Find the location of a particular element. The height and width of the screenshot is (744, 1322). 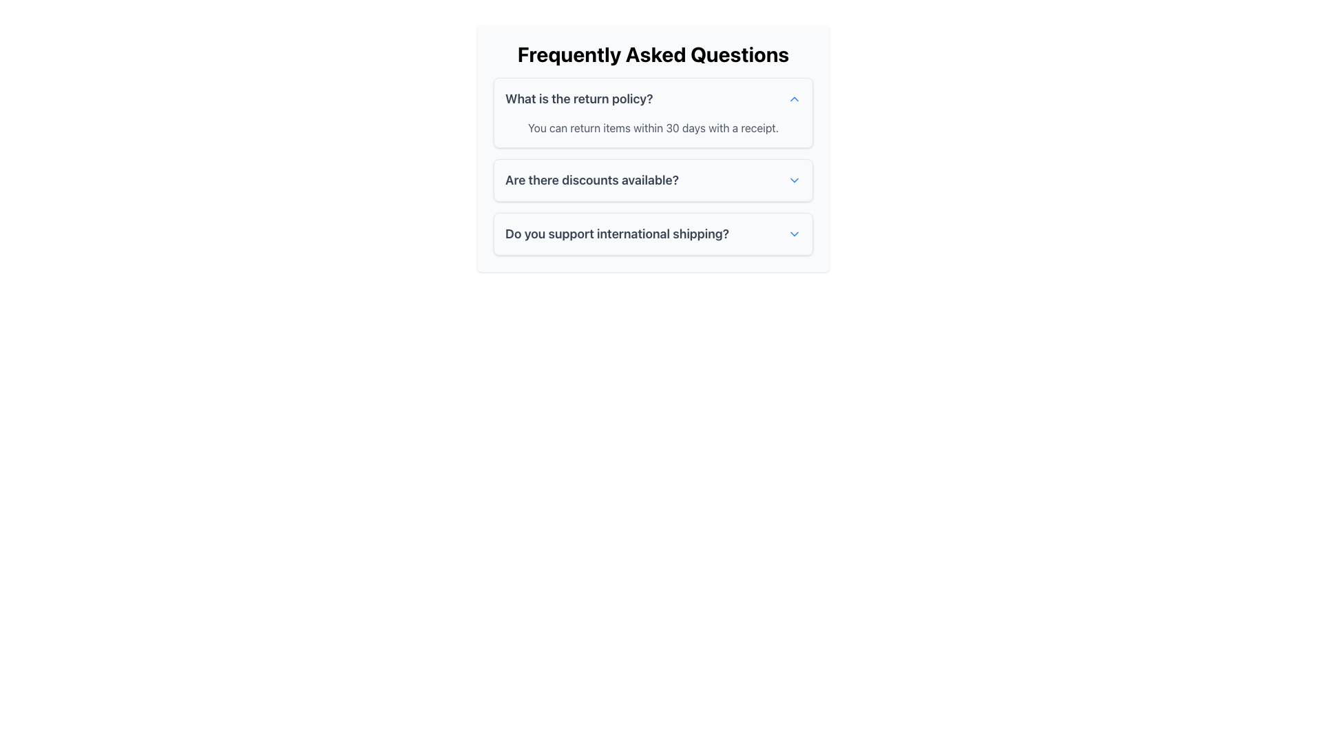

the text element displaying 'You can return items within 30 days with a receipt.' which is located beneath the question 'What is the return policy?' in the FAQ section is located at coordinates (653, 127).